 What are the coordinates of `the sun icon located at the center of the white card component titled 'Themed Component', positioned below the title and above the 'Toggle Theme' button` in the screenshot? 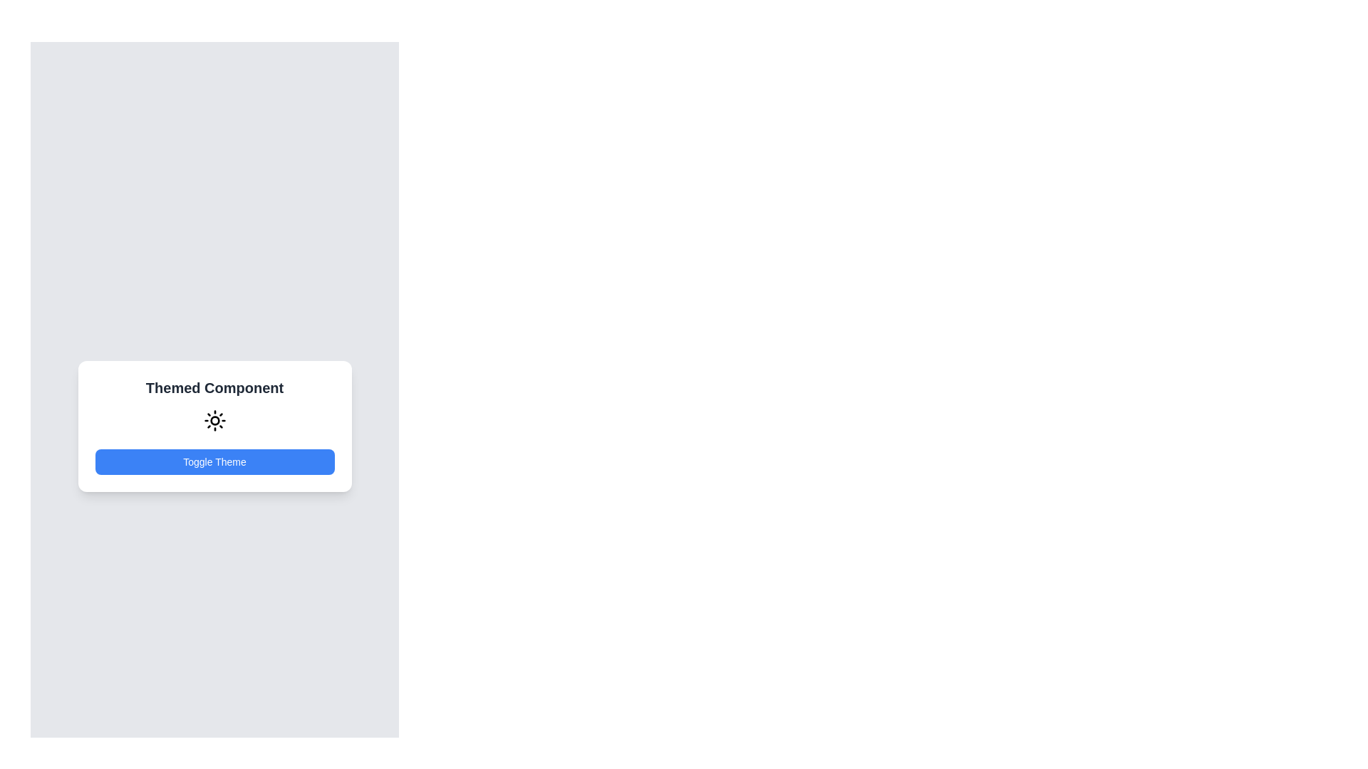 It's located at (214, 419).